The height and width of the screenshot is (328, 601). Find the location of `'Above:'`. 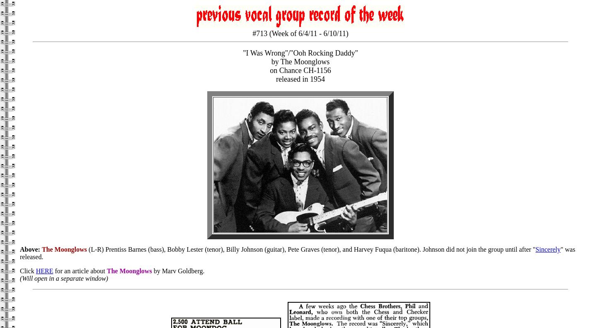

'Above:' is located at coordinates (30, 249).